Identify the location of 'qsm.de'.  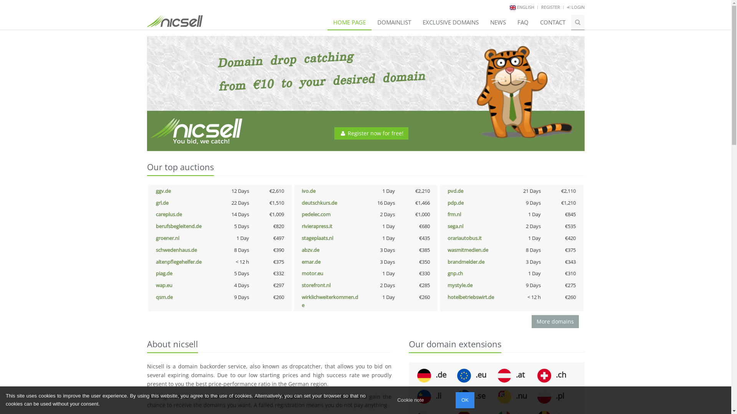
(164, 297).